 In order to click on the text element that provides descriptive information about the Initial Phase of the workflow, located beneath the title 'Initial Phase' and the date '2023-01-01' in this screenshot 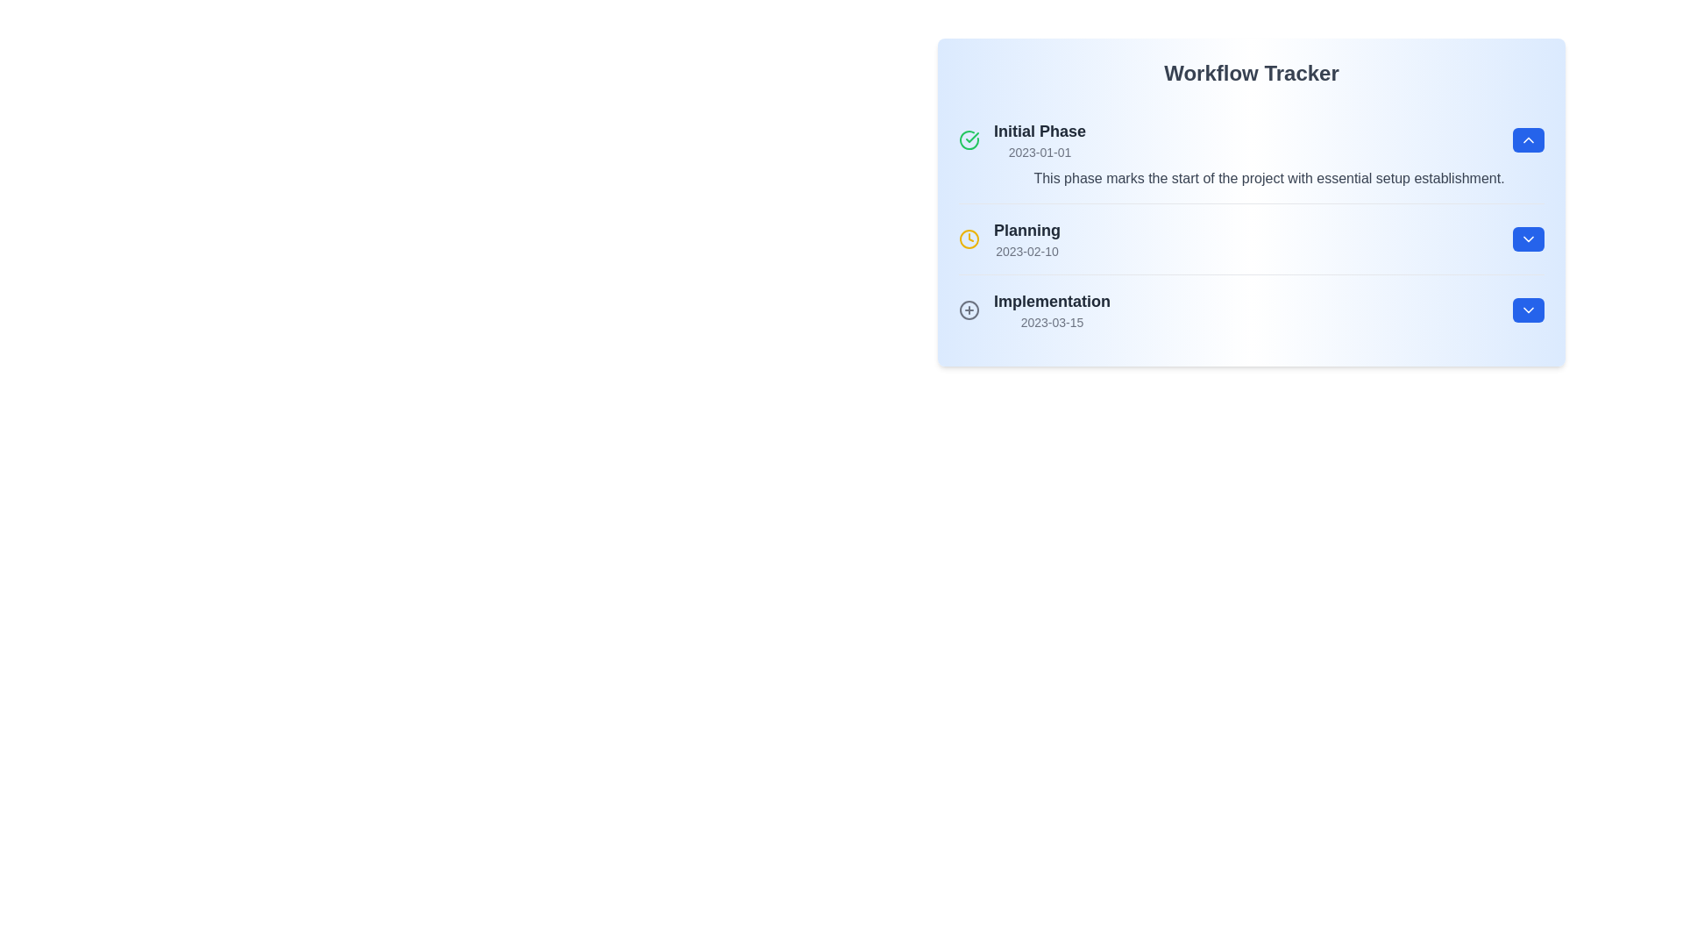, I will do `click(1251, 179)`.